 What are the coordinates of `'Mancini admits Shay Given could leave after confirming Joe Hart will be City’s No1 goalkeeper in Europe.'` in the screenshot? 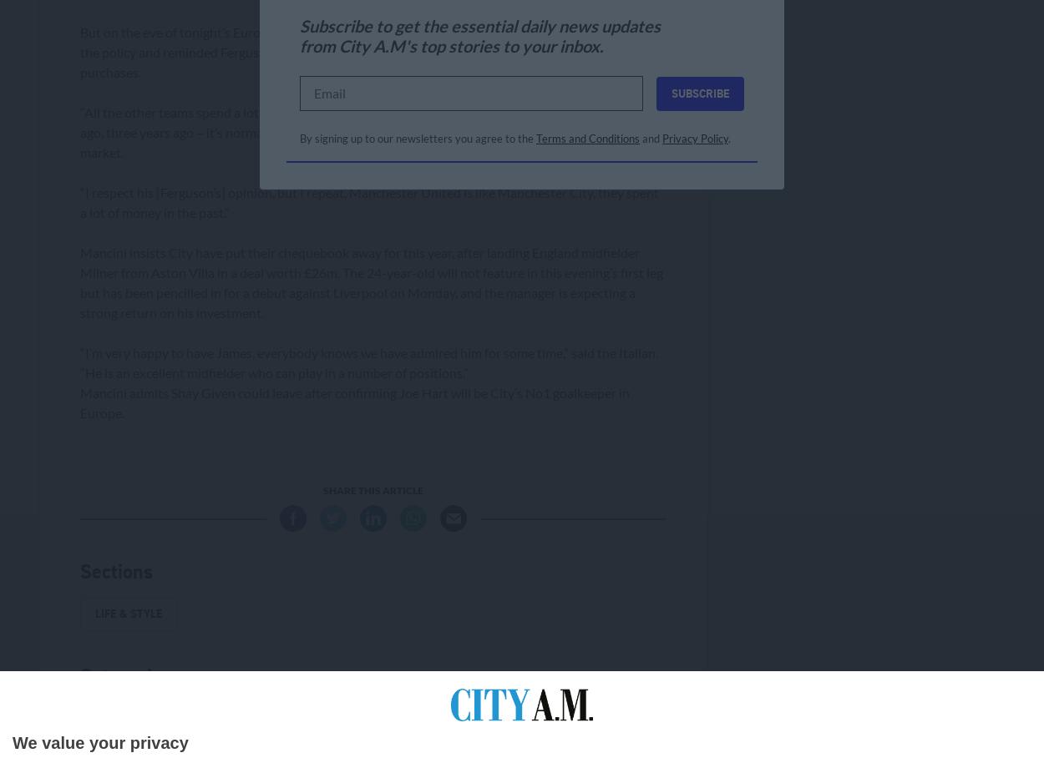 It's located at (79, 401).